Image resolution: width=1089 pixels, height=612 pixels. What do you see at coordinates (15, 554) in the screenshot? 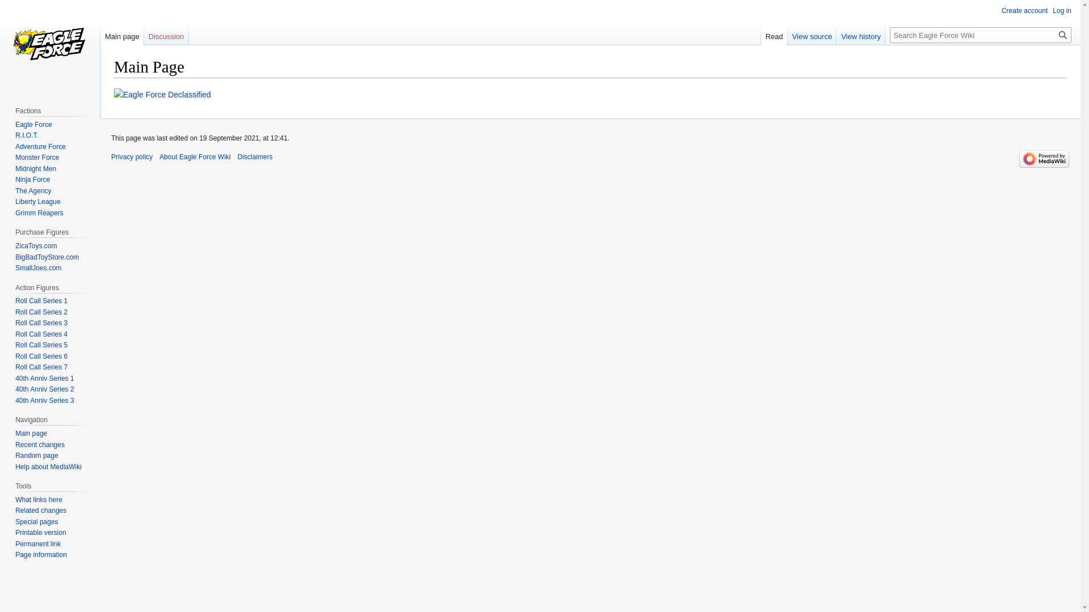
I see `'Page information'` at bounding box center [15, 554].